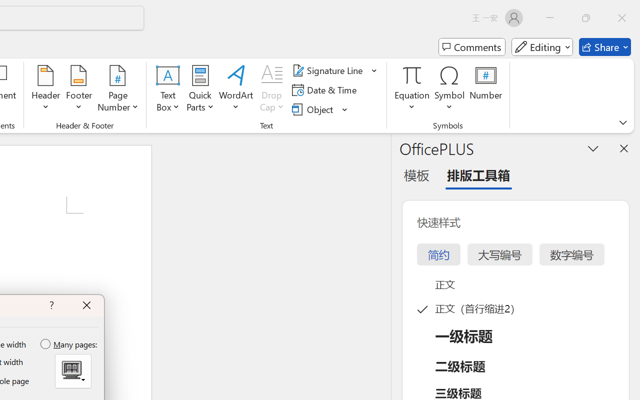 The image size is (640, 400). I want to click on 'Text Box', so click(168, 89).